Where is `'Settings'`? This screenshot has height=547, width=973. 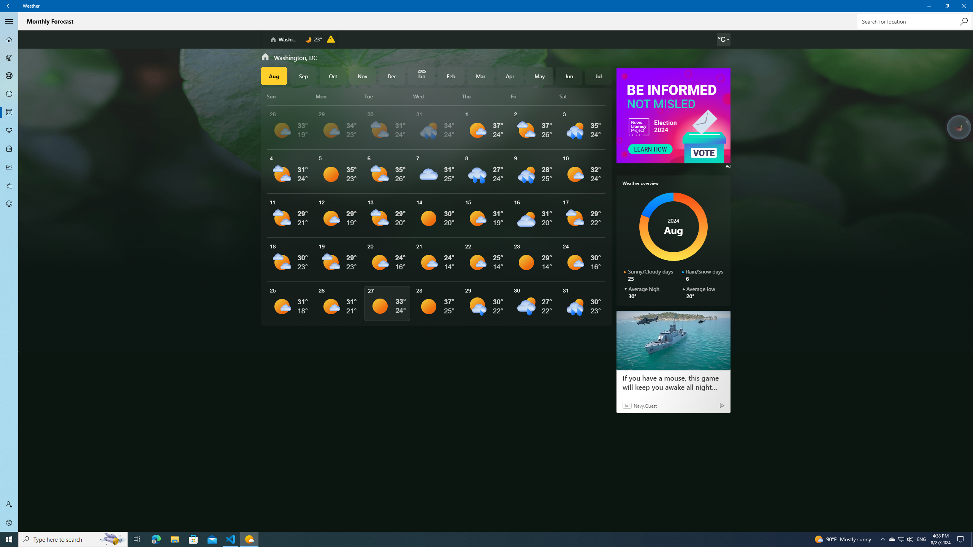 'Settings' is located at coordinates (9, 522).